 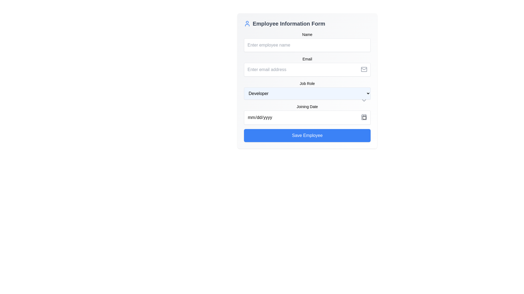 What do you see at coordinates (307, 81) in the screenshot?
I see `the 'Job Role' dropdown menu, which is labeled with the selected option 'Developer' and features a blue background and a downward-pointing chevron icon` at bounding box center [307, 81].